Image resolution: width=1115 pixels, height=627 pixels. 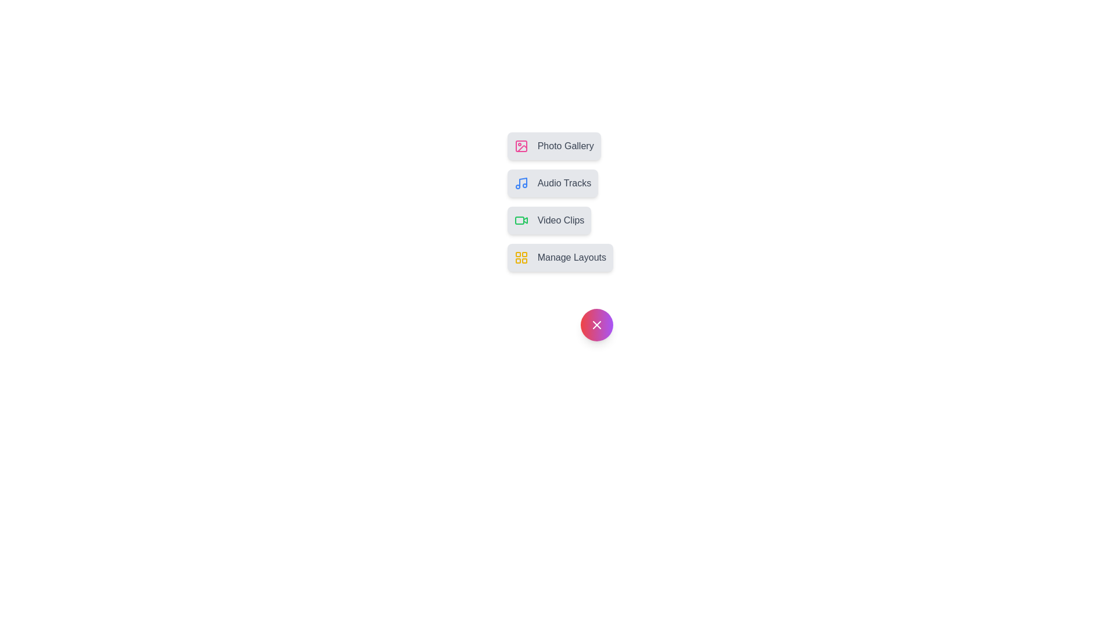 What do you see at coordinates (596, 325) in the screenshot?
I see `the cancel button located at the bottom right of the interface, distinct from the list of items including 'Photo Gallery', 'Audio Tracks', 'Video Clips', and 'Manage Layouts'` at bounding box center [596, 325].